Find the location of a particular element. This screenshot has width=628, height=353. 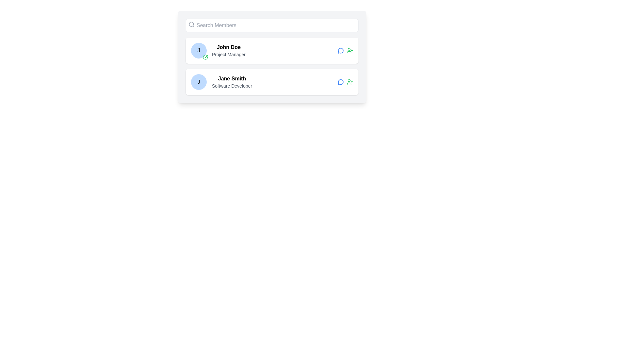

the inner circular part of the search icon located at the top-left of the 'Search Members' input field is located at coordinates (191, 24).